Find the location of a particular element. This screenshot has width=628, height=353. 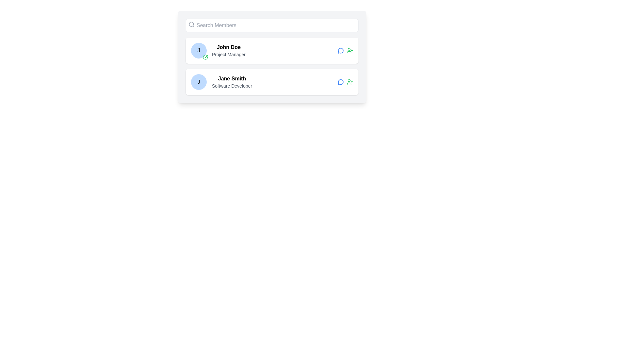

the inner circular part of the search icon located at the top-left of the 'Search Members' input field is located at coordinates (191, 24).